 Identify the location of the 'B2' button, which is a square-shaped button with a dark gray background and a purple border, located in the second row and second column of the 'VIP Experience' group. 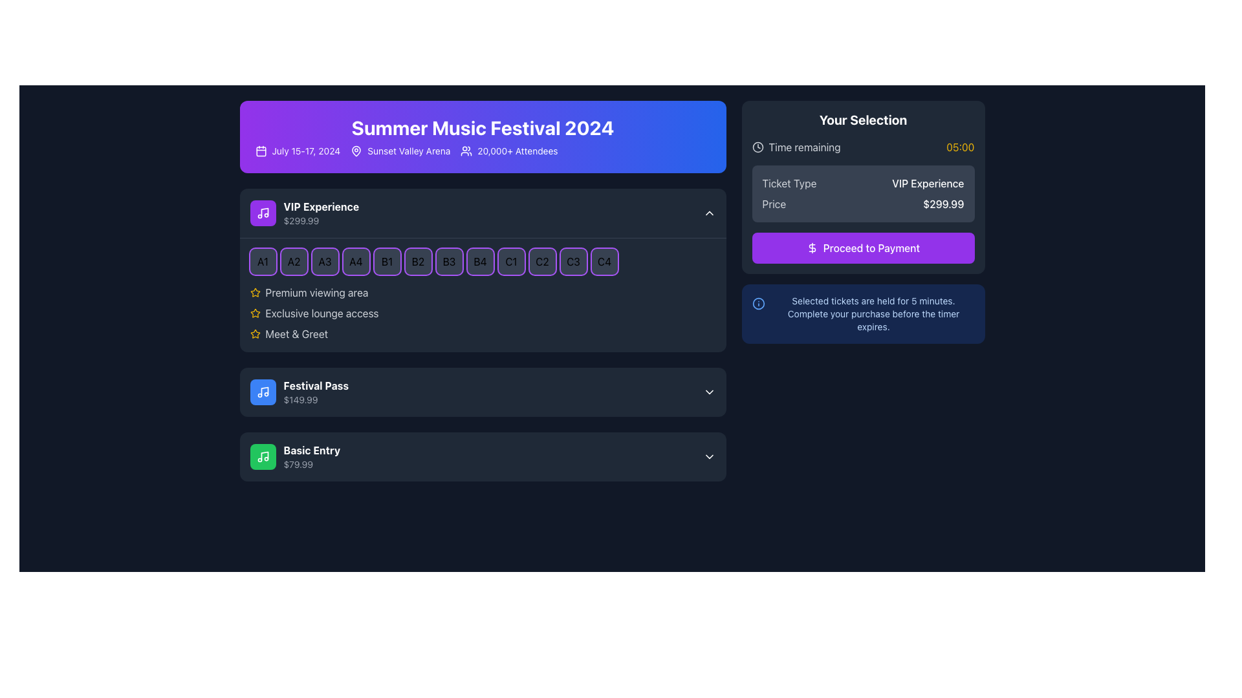
(418, 262).